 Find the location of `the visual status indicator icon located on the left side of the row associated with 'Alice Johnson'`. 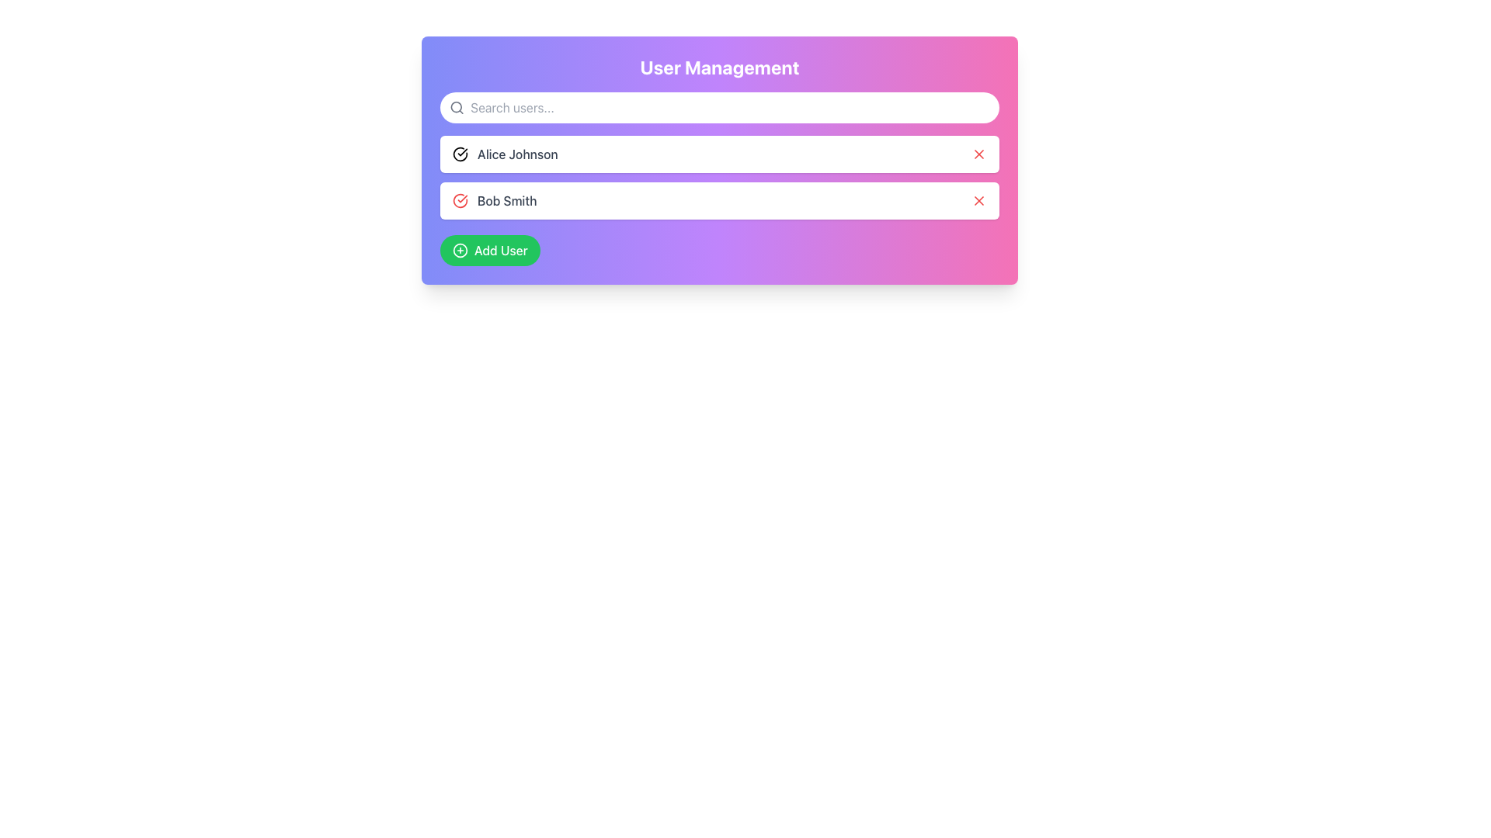

the visual status indicator icon located on the left side of the row associated with 'Alice Johnson' is located at coordinates (460, 154).